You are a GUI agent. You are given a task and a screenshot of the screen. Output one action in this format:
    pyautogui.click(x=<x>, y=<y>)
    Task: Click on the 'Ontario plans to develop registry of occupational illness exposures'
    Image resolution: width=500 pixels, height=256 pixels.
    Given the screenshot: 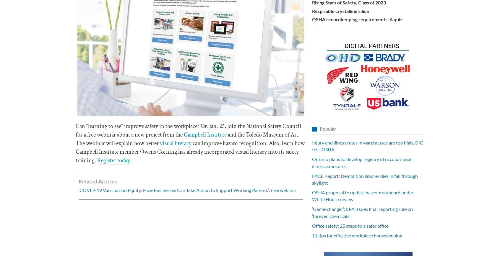 What is the action you would take?
    pyautogui.click(x=361, y=163)
    